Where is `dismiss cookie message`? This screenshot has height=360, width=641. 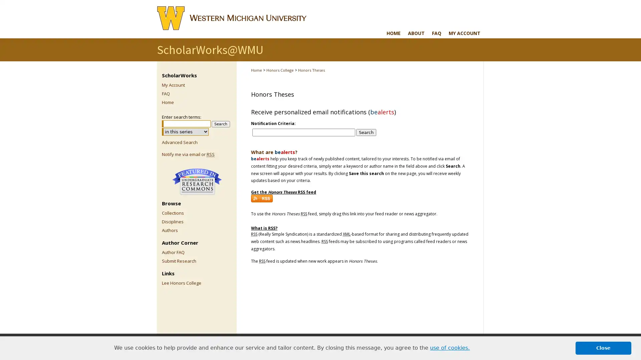
dismiss cookie message is located at coordinates (603, 348).